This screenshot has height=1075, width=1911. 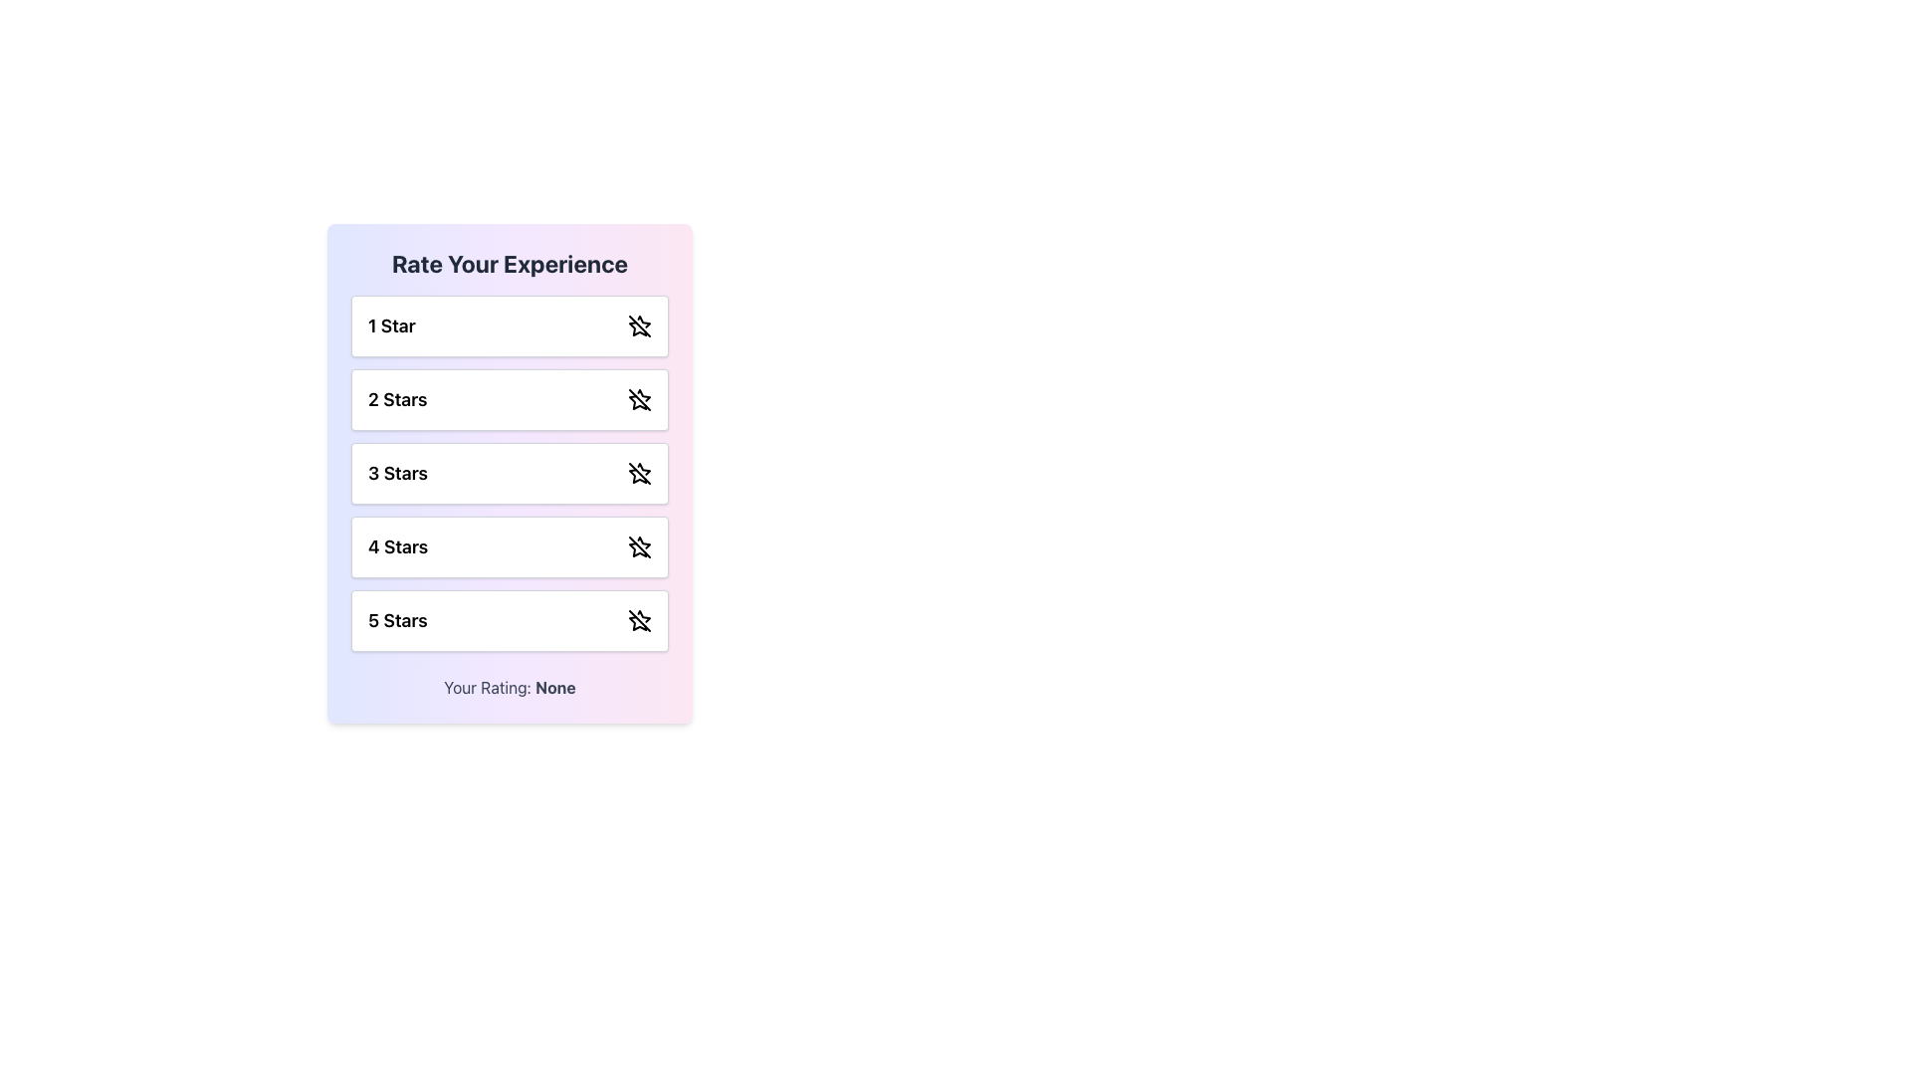 What do you see at coordinates (397, 399) in the screenshot?
I see `the '2 Stars' text label, which is styled in bold black typeface and is part of a vertically aligned group of rating options` at bounding box center [397, 399].